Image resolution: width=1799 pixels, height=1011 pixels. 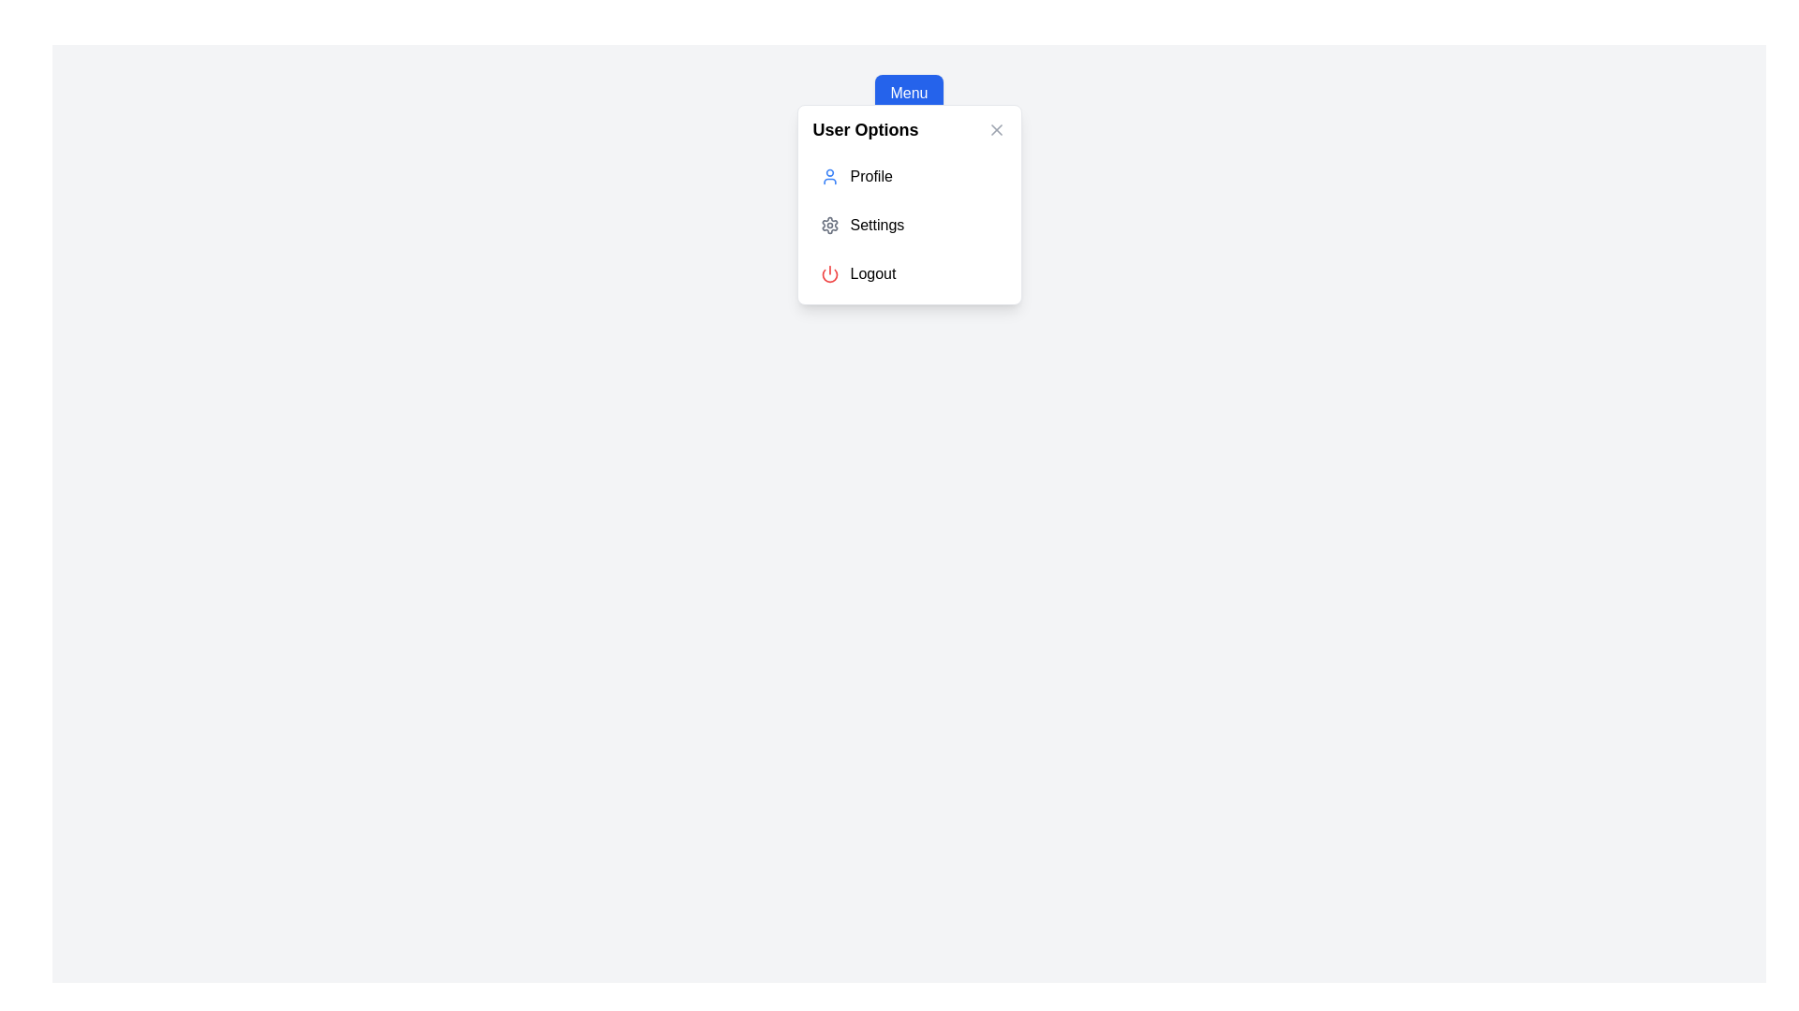 I want to click on the 'Settings' text label, which is styled in a black sans-serif font, located next to a gear icon inside a light gray modal panel labeled 'User Options', so click(x=876, y=224).